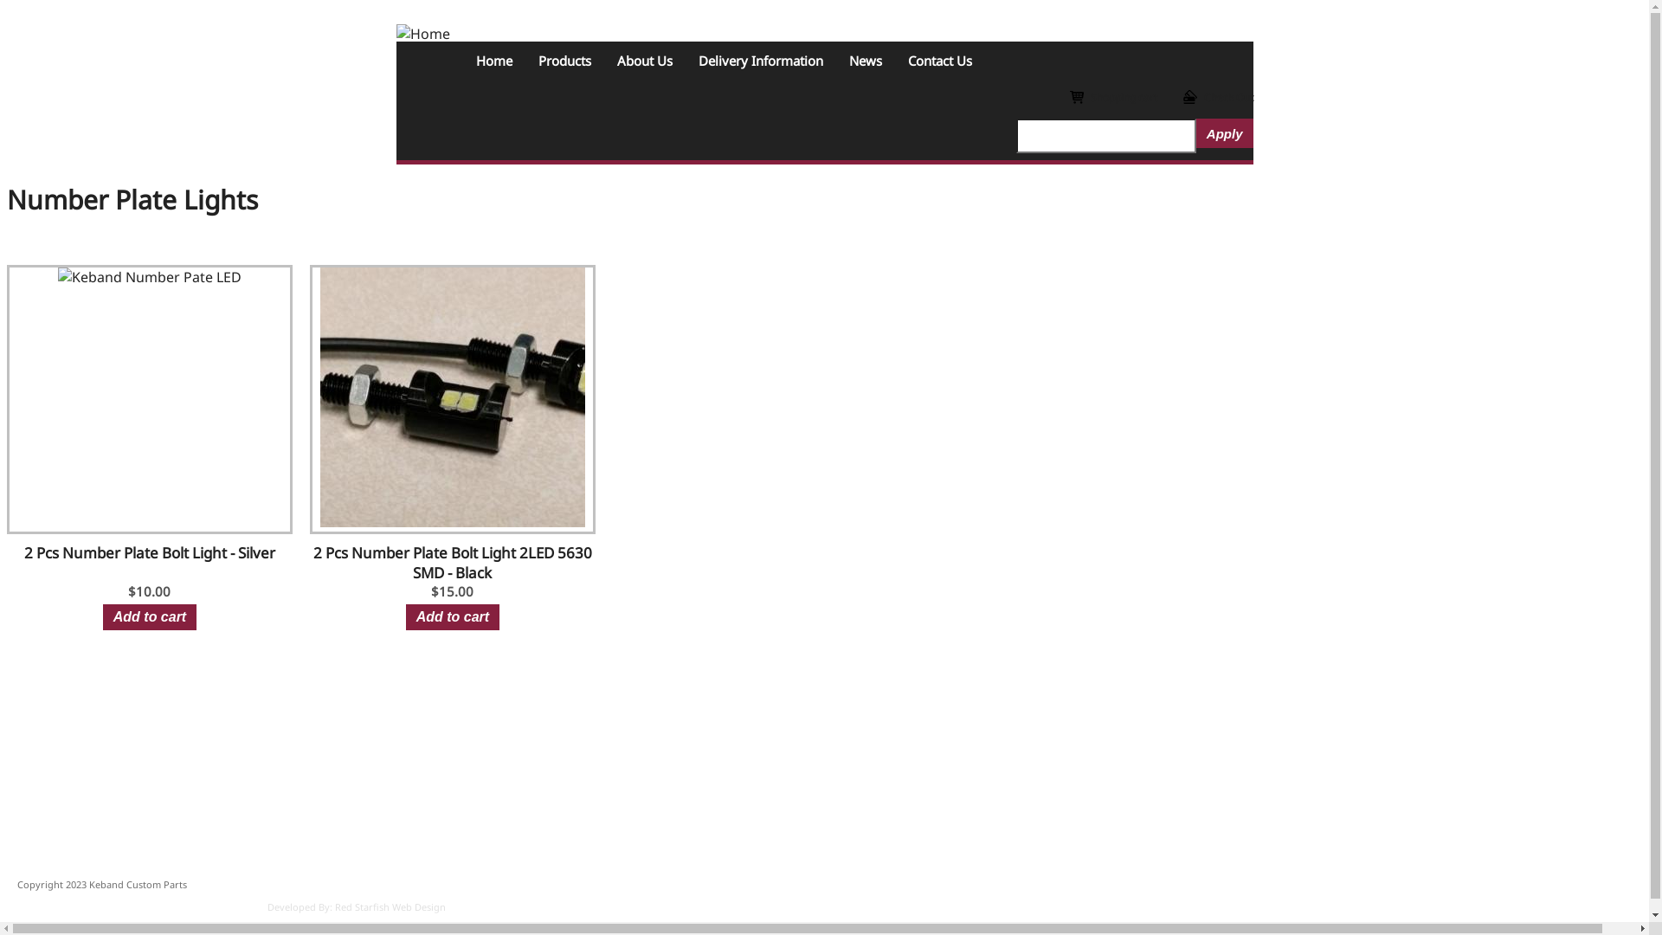 This screenshot has width=1662, height=935. Describe the element at coordinates (7, 7) in the screenshot. I see `'Skip to main content'` at that location.